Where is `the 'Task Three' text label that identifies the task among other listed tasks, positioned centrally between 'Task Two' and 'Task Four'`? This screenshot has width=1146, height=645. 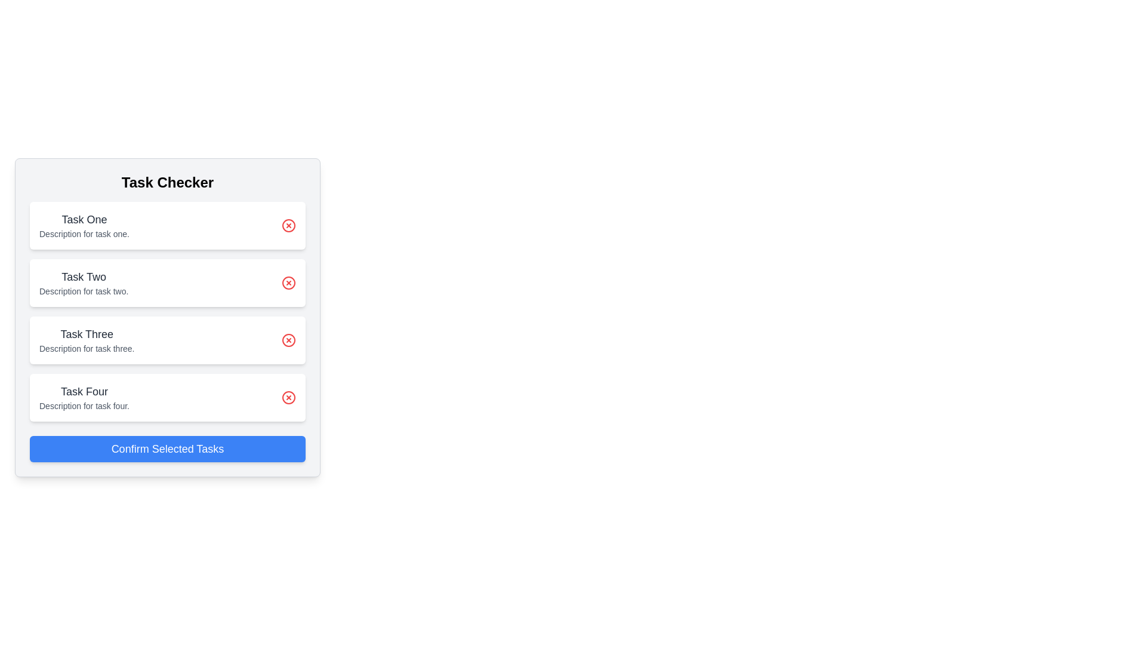 the 'Task Three' text label that identifies the task among other listed tasks, positioned centrally between 'Task Two' and 'Task Four' is located at coordinates (86, 334).